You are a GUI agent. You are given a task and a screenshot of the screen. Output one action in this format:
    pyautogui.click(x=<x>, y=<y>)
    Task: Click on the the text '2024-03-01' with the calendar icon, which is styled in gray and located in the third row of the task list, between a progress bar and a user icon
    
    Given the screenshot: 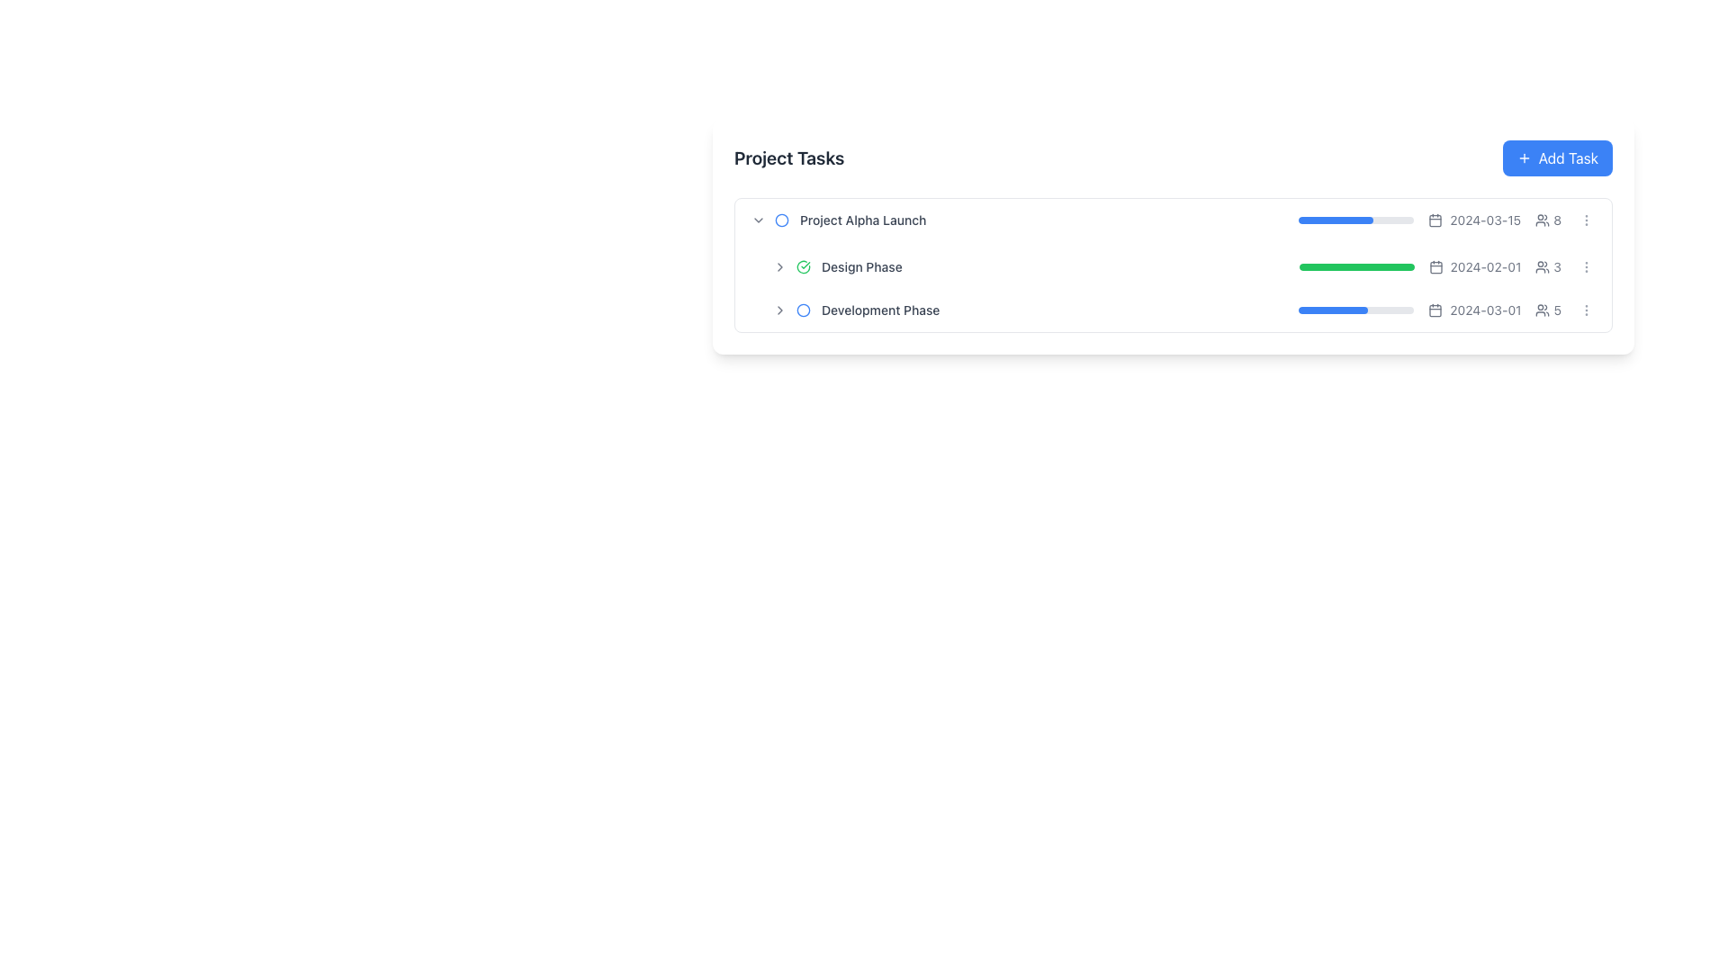 What is the action you would take?
    pyautogui.click(x=1474, y=309)
    